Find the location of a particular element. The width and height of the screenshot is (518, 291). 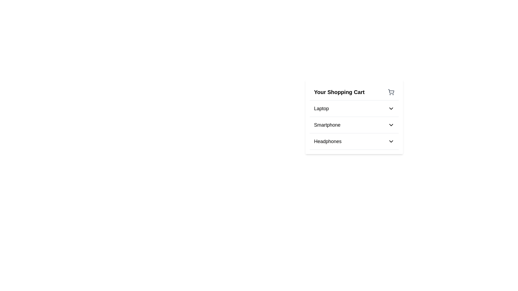

the stylized shopping cart icon located next to the 'Your Shopping Cart' header at the top-right corner of the interface is located at coordinates (391, 92).